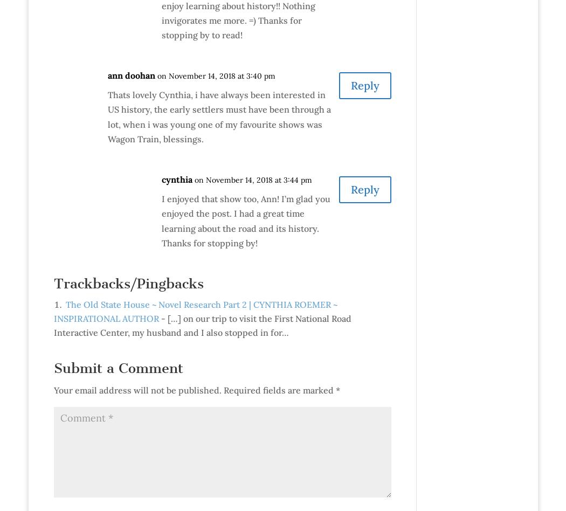 Image resolution: width=566 pixels, height=511 pixels. What do you see at coordinates (219, 116) in the screenshot?
I see `'Thats lovely Cynthia, i have always been interested in US history, the early settlers must have been through a lot, when i was young one of my favourite shows was Wagon Train, blessings.'` at bounding box center [219, 116].